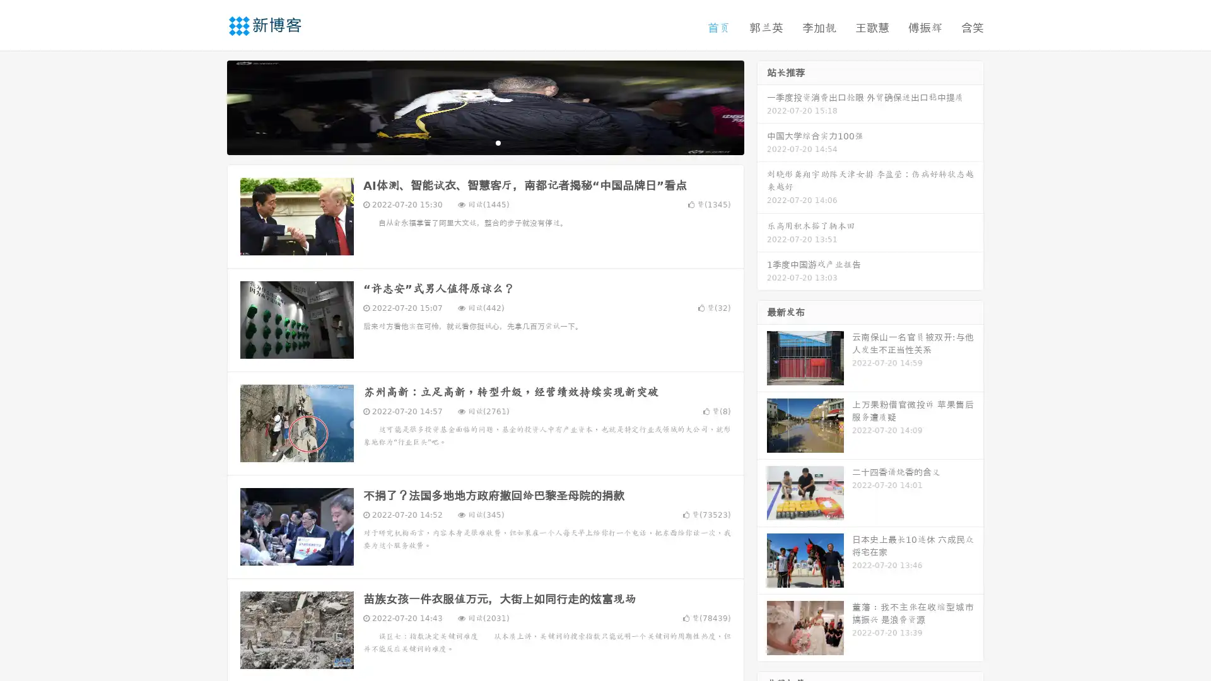 The width and height of the screenshot is (1211, 681). Describe the element at coordinates (472, 142) in the screenshot. I see `Go to slide 1` at that location.